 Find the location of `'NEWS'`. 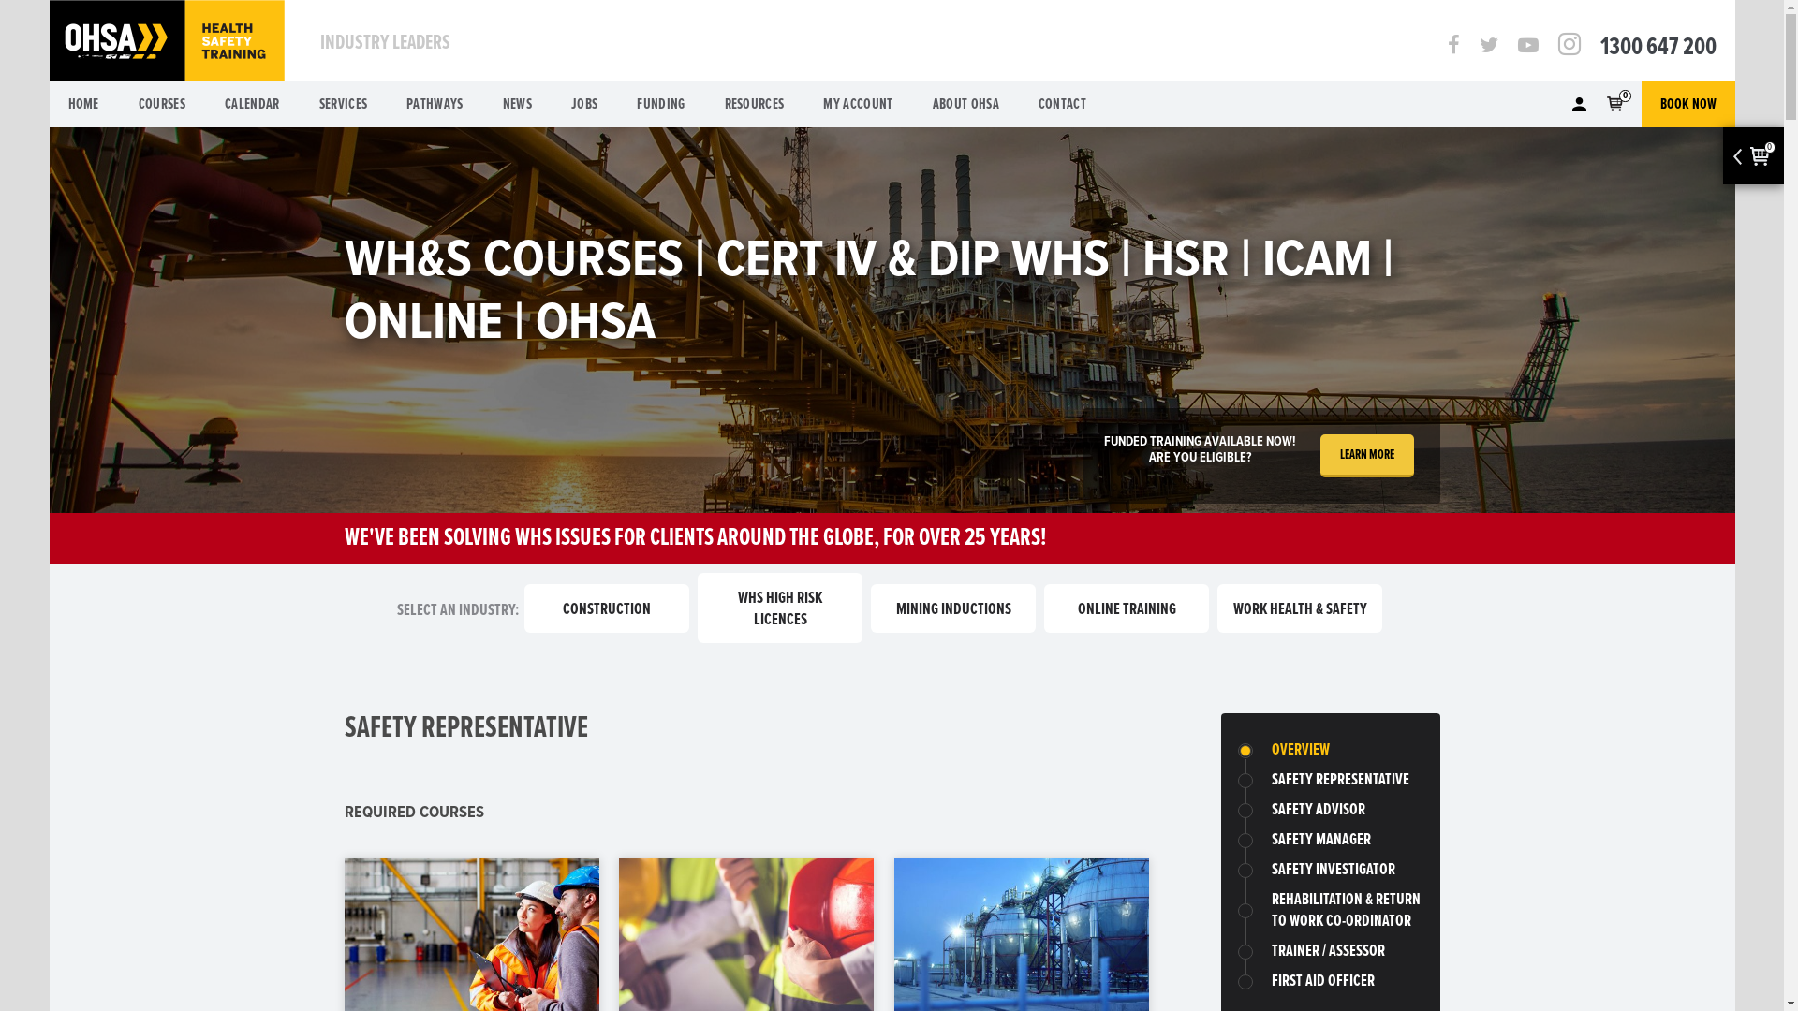

'NEWS' is located at coordinates (517, 104).